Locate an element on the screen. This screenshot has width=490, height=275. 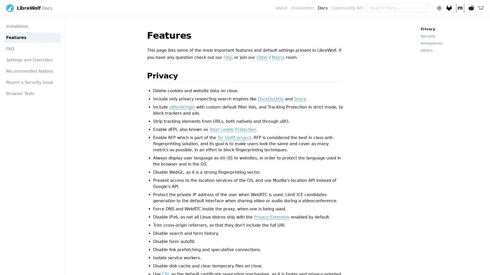
Toggle theme is located at coordinates (438, 8).